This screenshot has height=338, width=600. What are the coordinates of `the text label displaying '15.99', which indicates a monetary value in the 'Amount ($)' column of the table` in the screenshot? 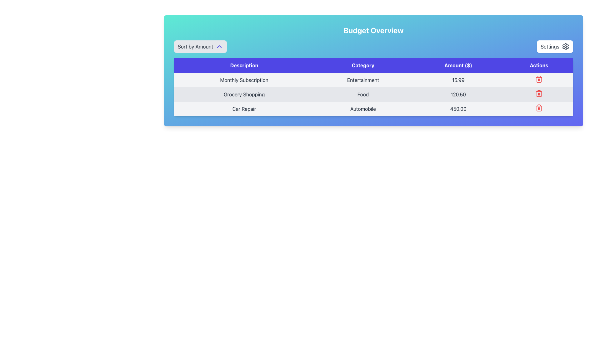 It's located at (458, 79).